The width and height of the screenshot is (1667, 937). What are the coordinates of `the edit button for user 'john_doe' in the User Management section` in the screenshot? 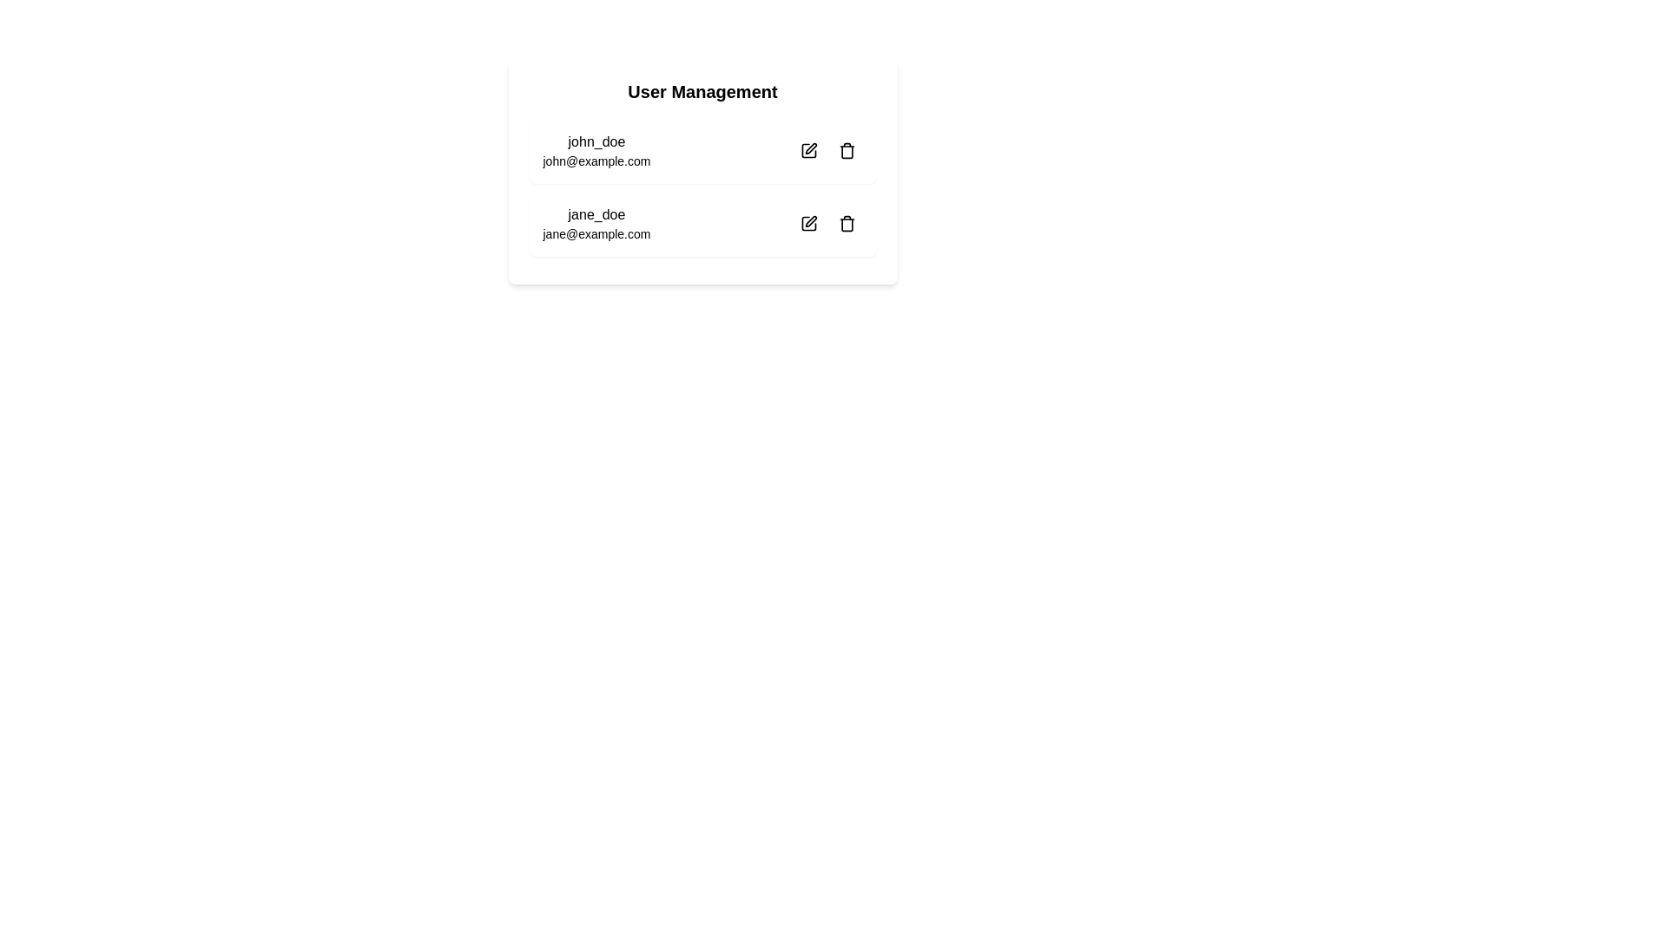 It's located at (807, 149).